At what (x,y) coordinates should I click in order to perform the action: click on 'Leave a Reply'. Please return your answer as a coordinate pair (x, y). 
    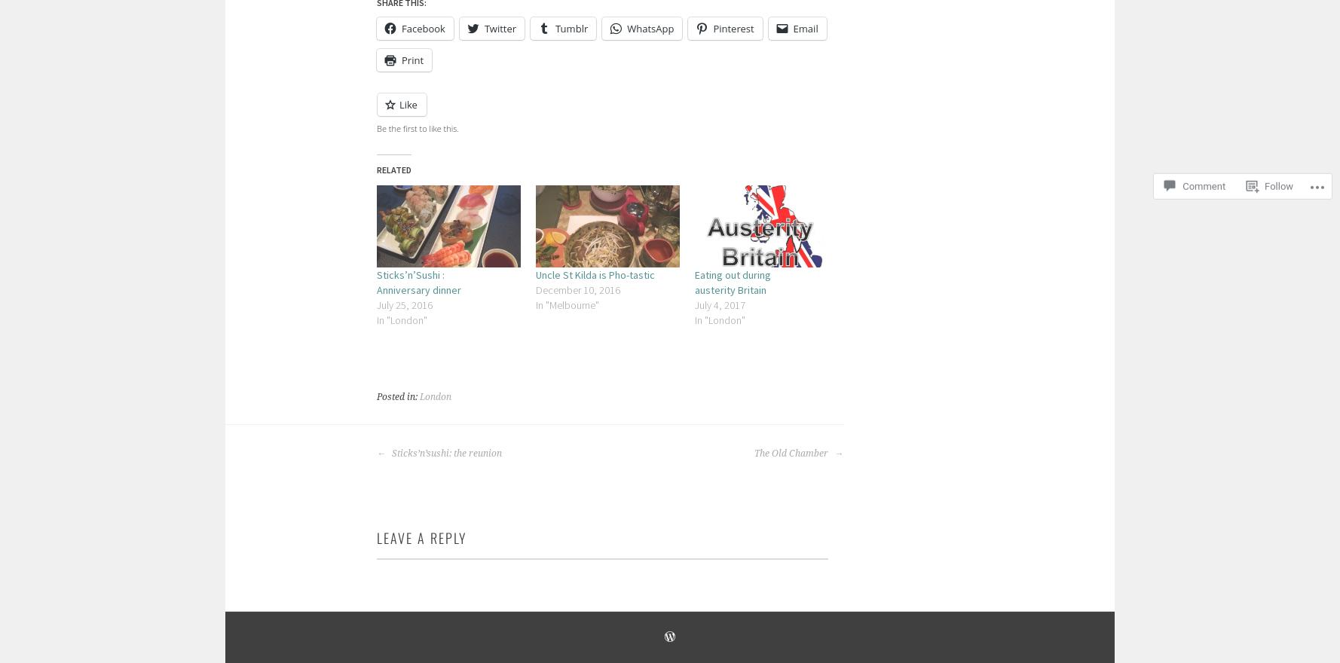
    Looking at the image, I should click on (375, 536).